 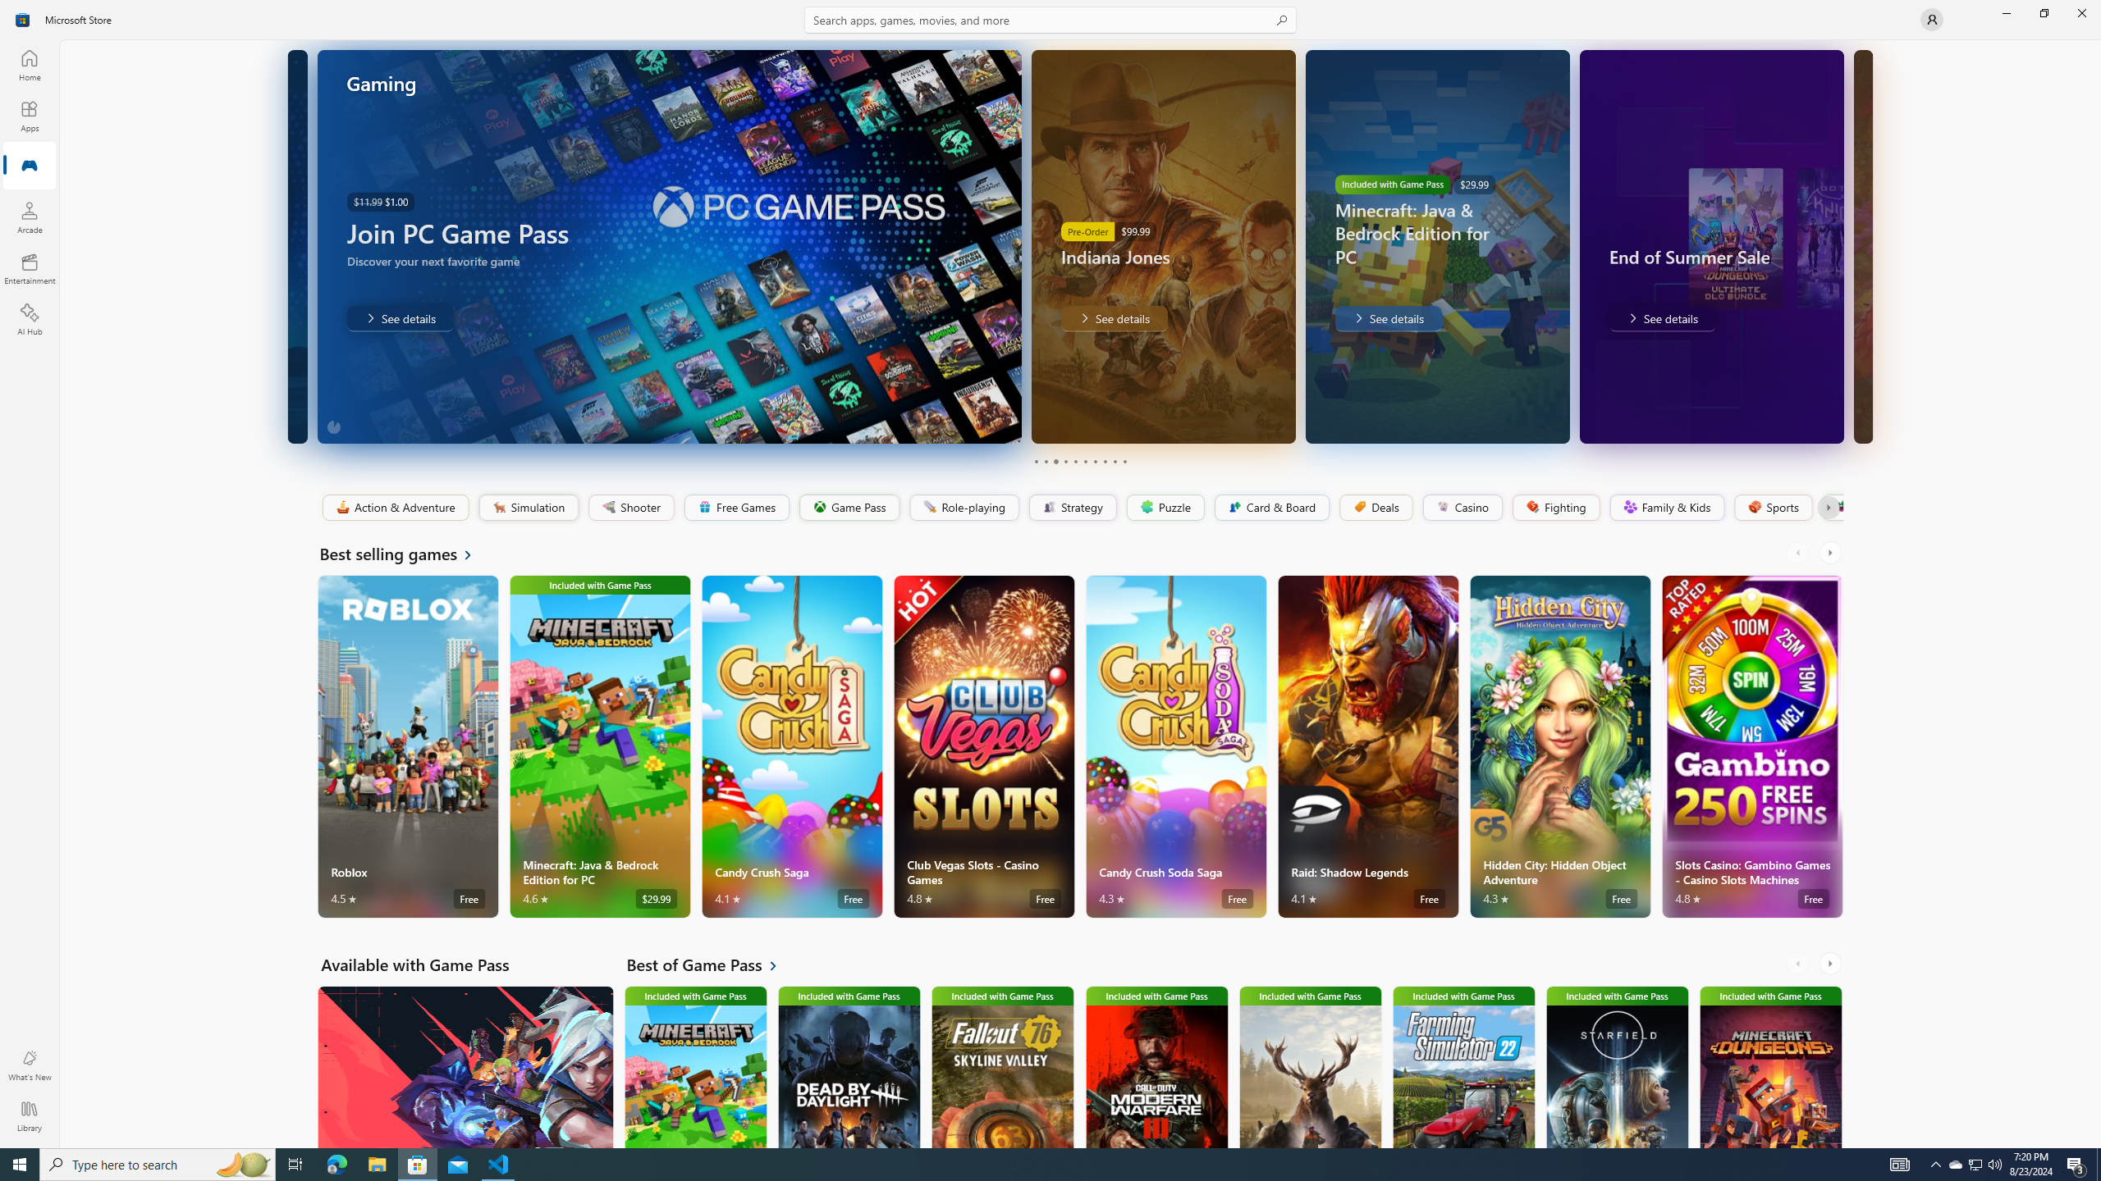 I want to click on 'Class: Button', so click(x=1827, y=507).